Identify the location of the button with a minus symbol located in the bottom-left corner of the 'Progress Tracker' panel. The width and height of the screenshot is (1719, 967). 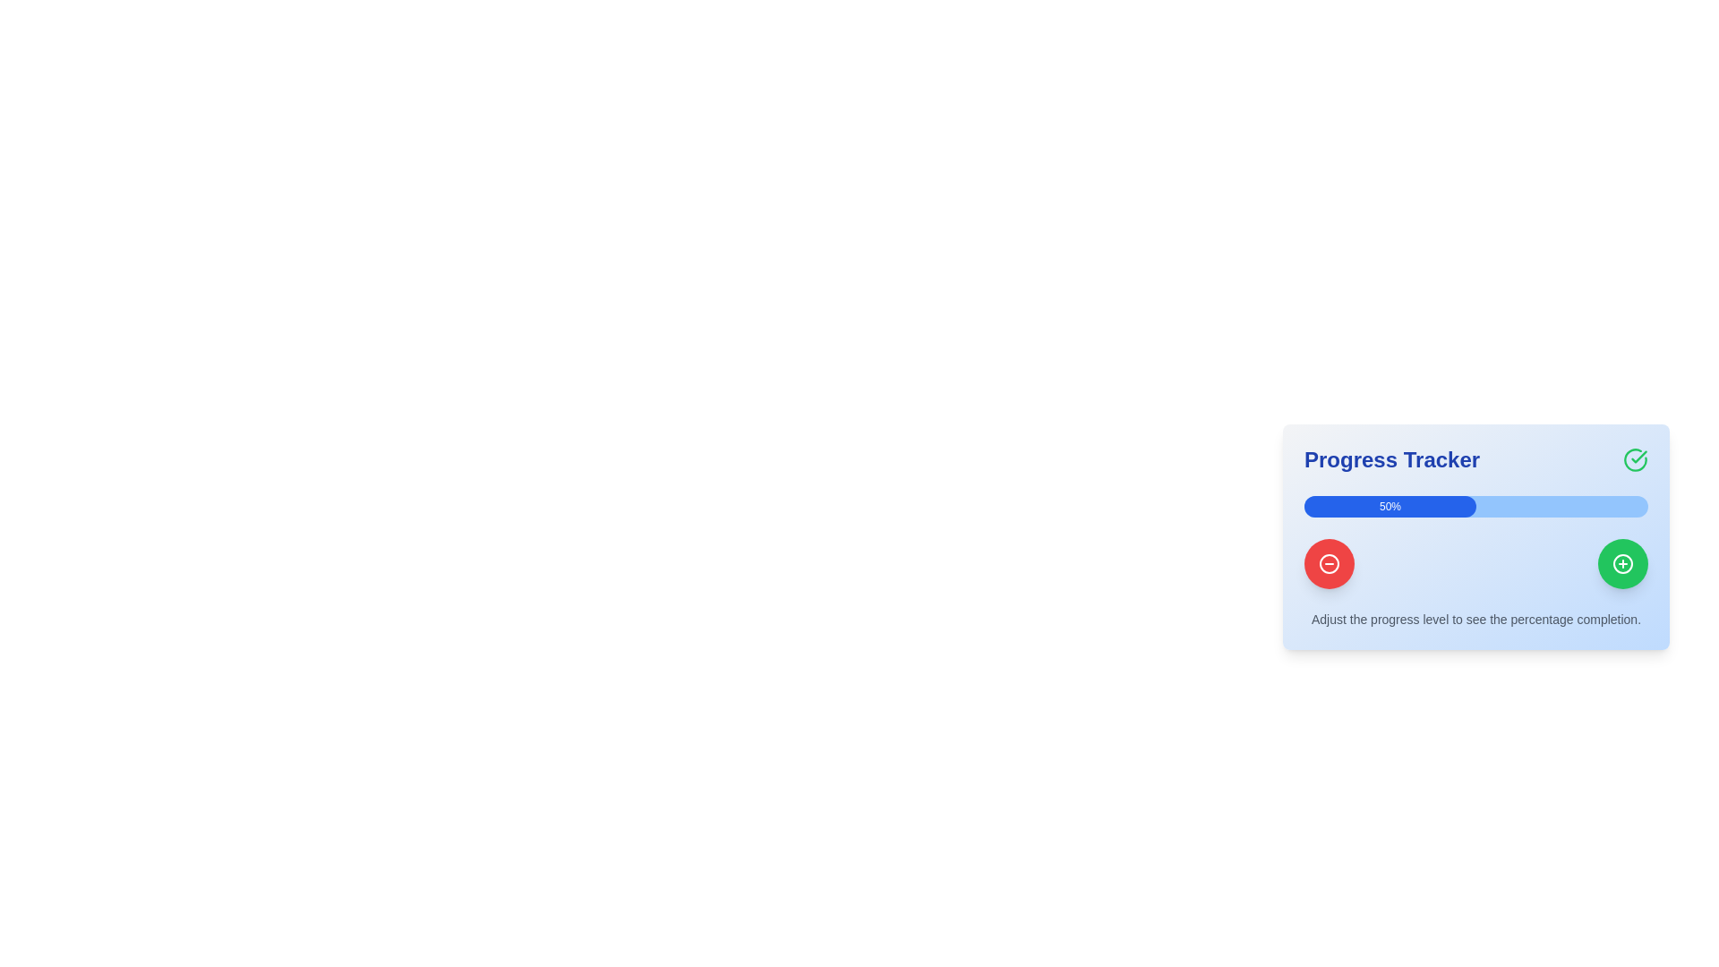
(1329, 562).